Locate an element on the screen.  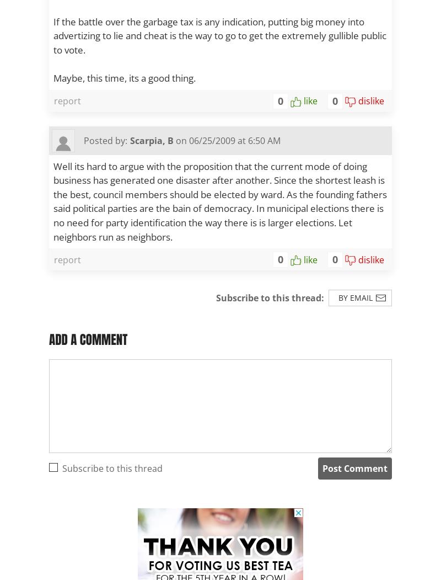
'Subscribe to this thread' is located at coordinates (112, 468).